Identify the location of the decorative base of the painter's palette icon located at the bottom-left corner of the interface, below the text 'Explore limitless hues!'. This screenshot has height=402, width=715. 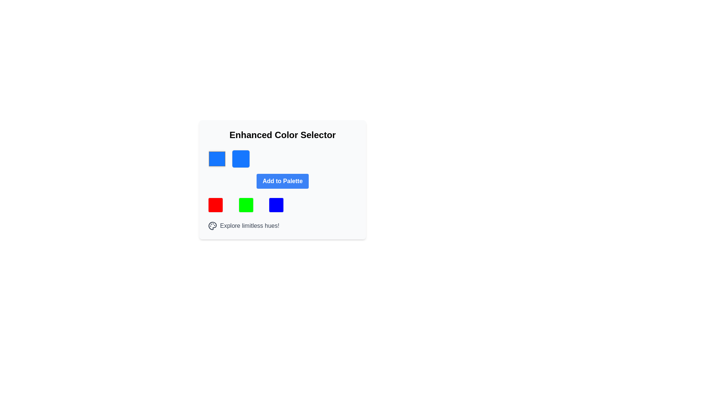
(212, 225).